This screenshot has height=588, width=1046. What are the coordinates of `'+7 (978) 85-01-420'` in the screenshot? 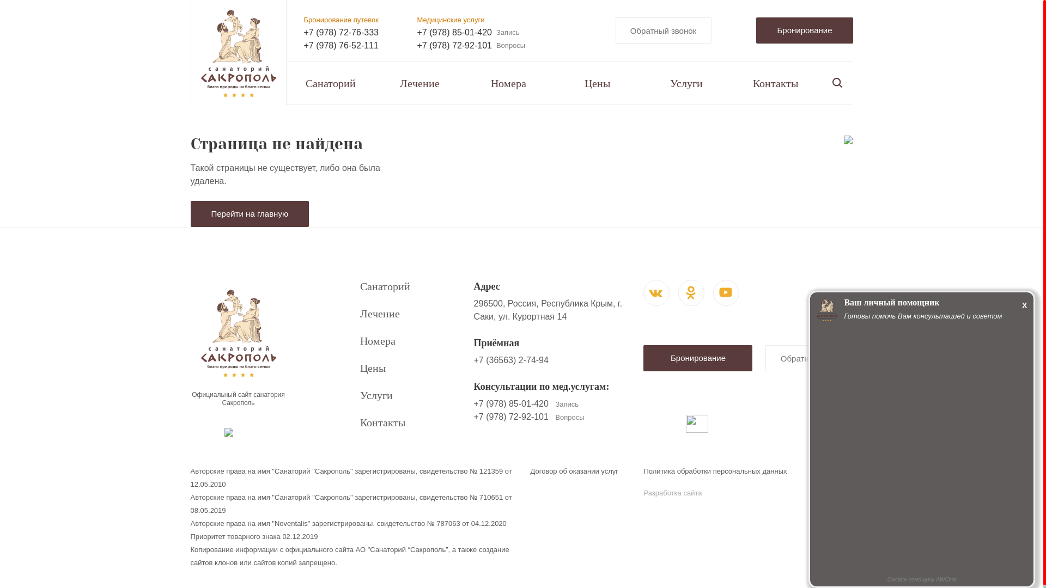 It's located at (417, 32).